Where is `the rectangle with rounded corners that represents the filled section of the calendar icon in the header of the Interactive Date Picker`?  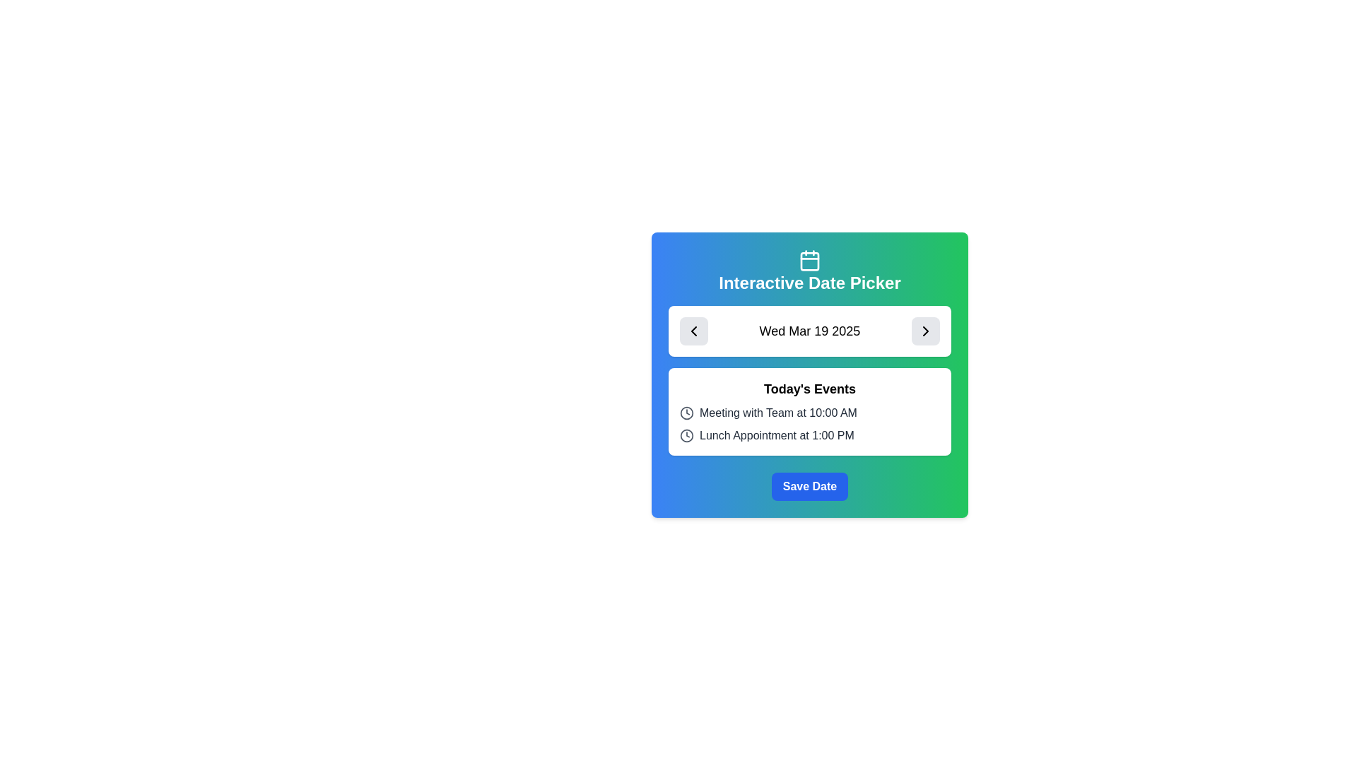
the rectangle with rounded corners that represents the filled section of the calendar icon in the header of the Interactive Date Picker is located at coordinates (810, 261).